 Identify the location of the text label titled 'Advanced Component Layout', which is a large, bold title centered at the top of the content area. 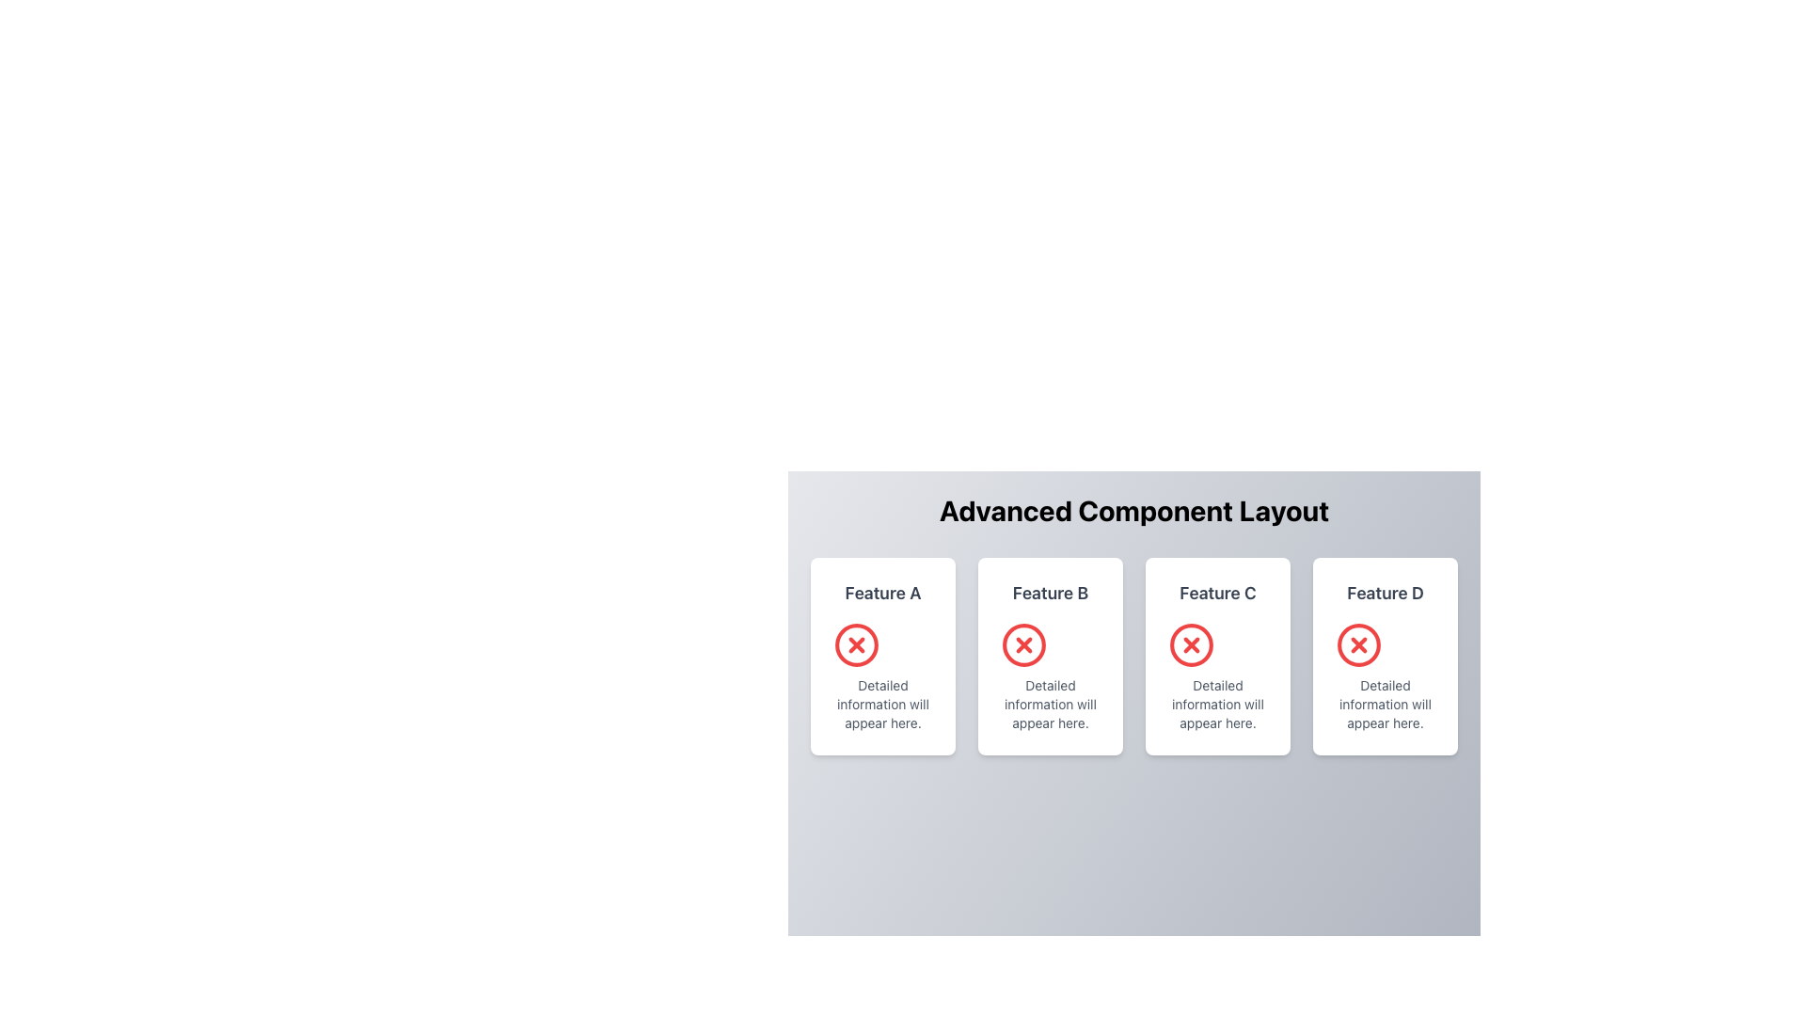
(1133, 511).